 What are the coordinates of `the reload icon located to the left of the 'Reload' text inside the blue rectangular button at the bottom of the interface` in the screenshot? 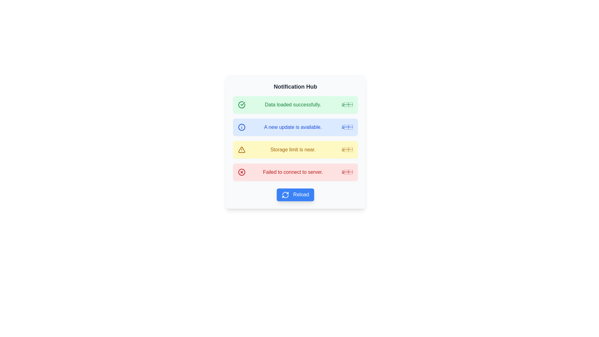 It's located at (285, 194).